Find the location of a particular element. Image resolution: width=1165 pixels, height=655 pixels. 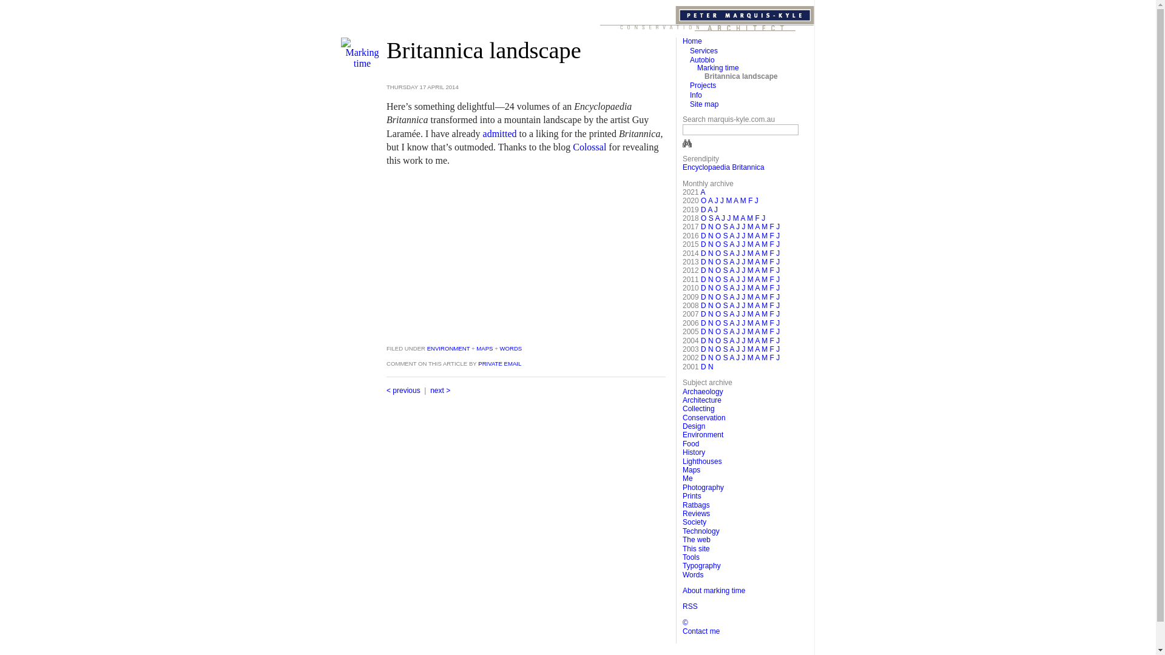

'WORDS' is located at coordinates (510, 348).